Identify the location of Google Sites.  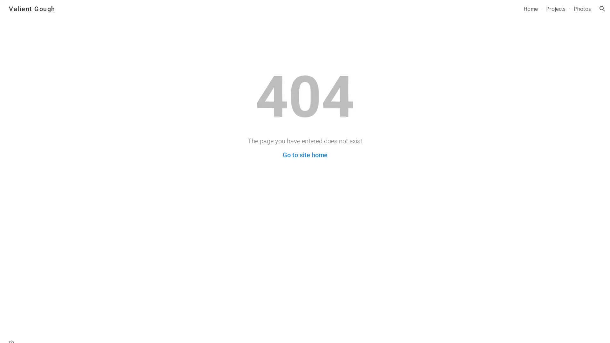
(49, 332).